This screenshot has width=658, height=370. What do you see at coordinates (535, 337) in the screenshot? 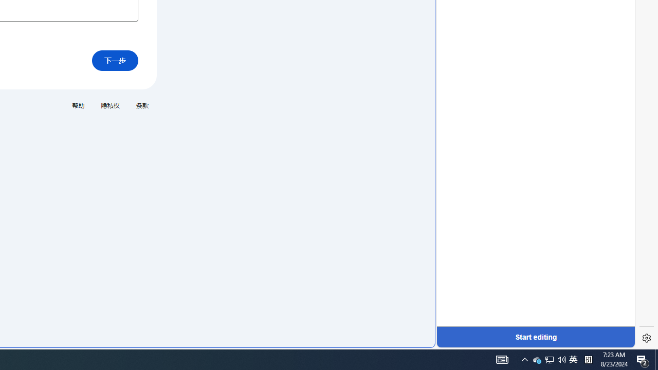
I see `'Start editing'` at bounding box center [535, 337].